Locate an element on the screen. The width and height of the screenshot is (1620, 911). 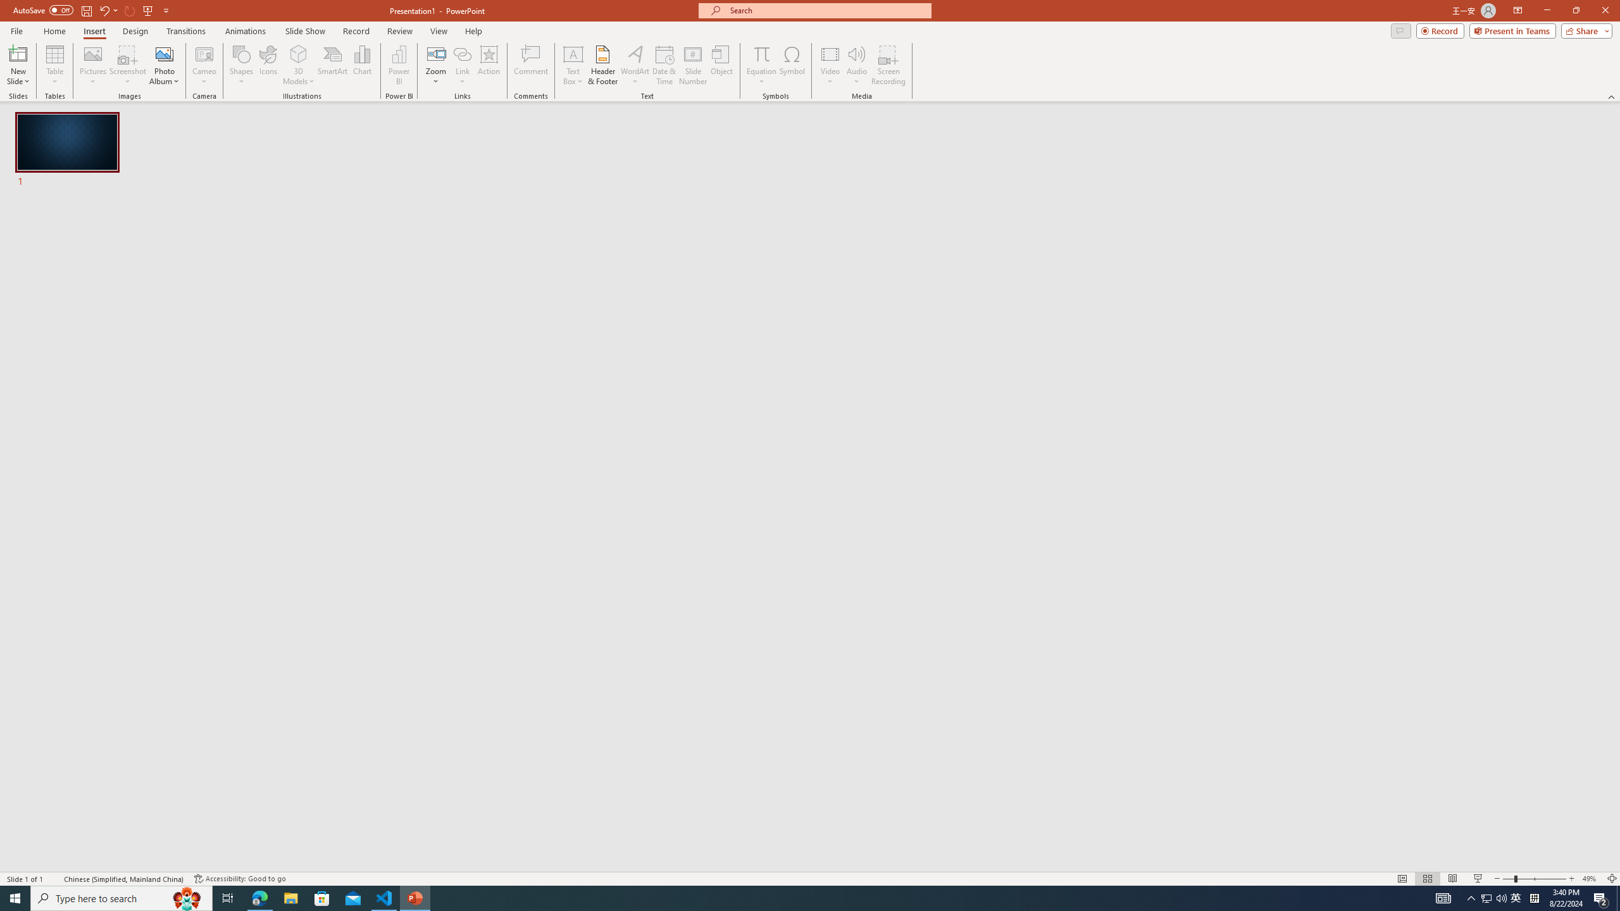
'Zoom 49%' is located at coordinates (1592, 879).